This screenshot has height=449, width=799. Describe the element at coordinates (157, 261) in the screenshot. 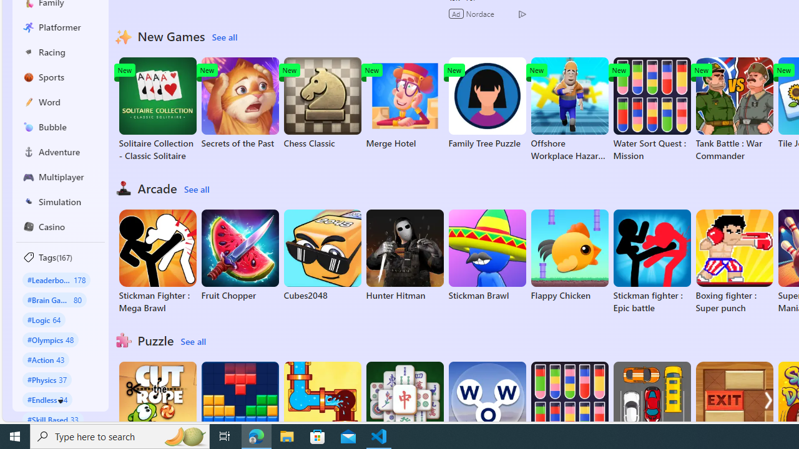

I see `'Stickman Fighter : Mega Brawl'` at that location.